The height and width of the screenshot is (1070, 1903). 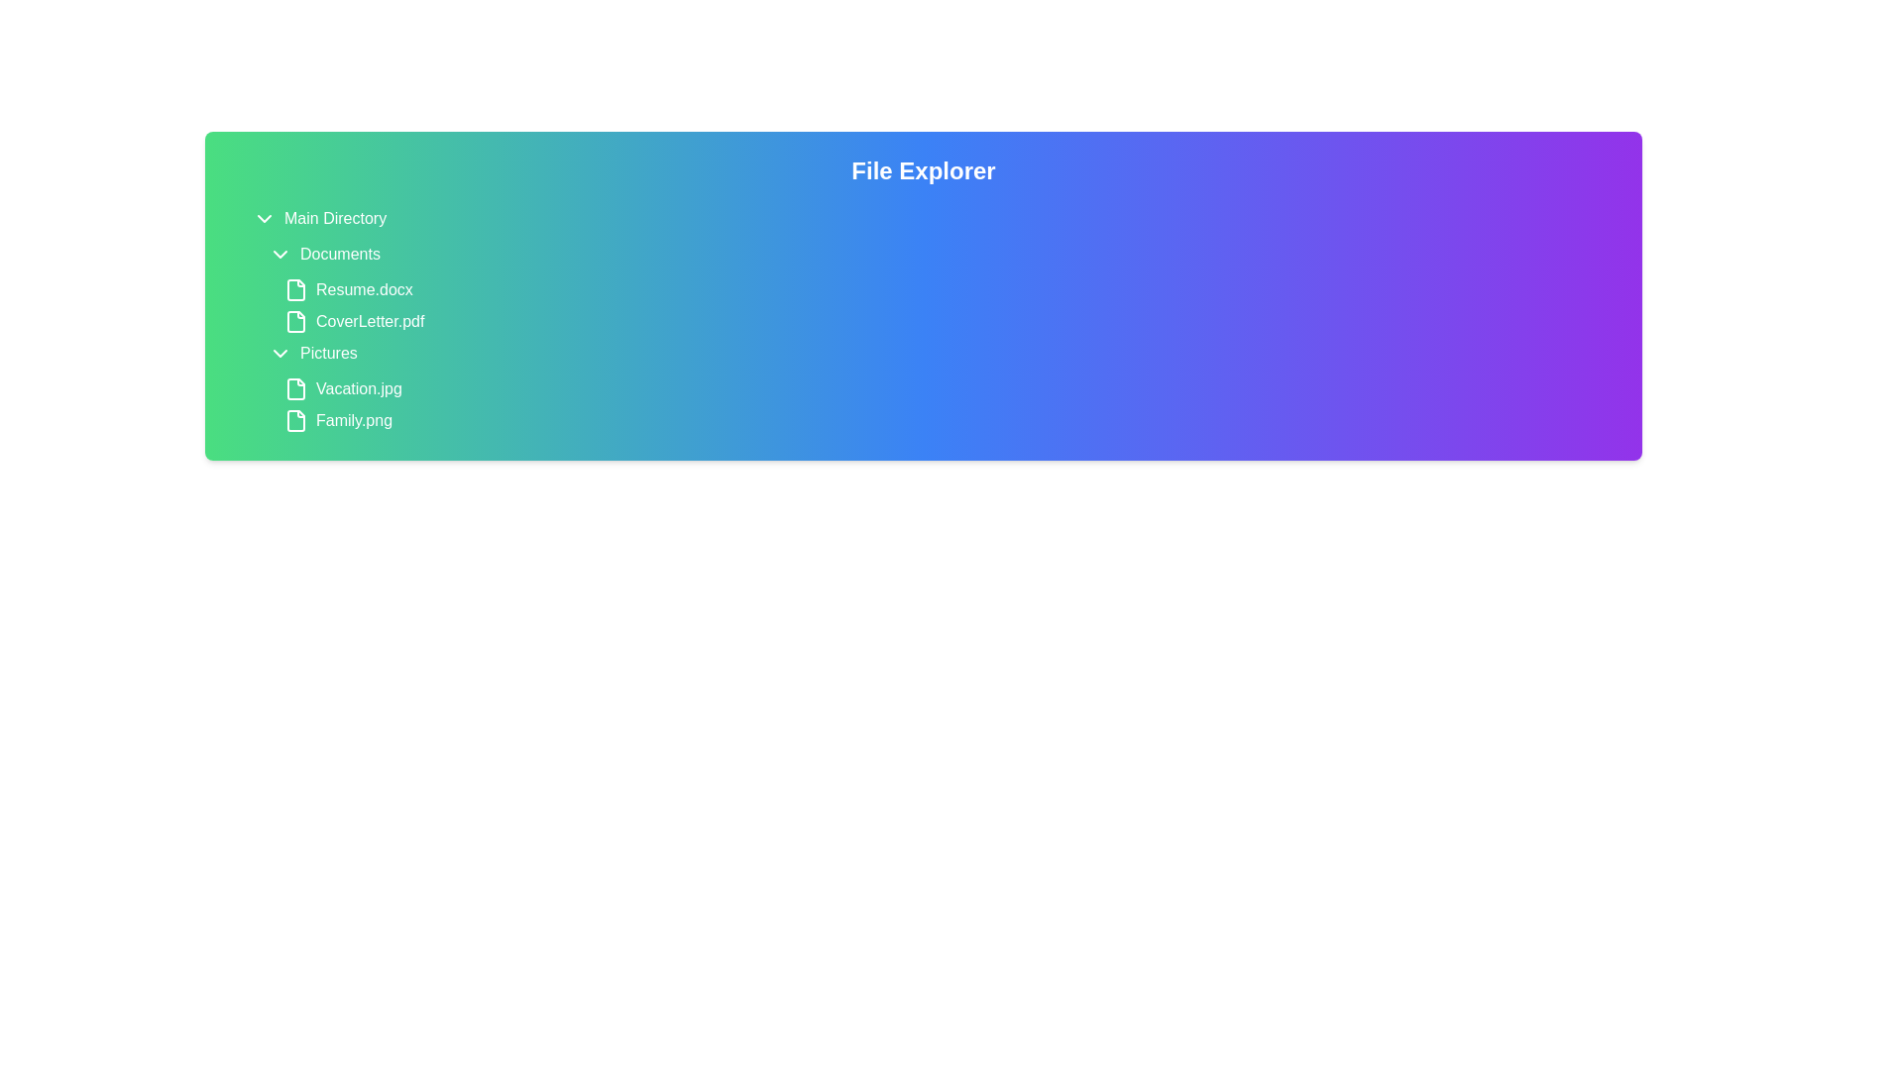 I want to click on the icon representing the document file 'Resume.docx' in the file explorer interface, so click(x=294, y=290).